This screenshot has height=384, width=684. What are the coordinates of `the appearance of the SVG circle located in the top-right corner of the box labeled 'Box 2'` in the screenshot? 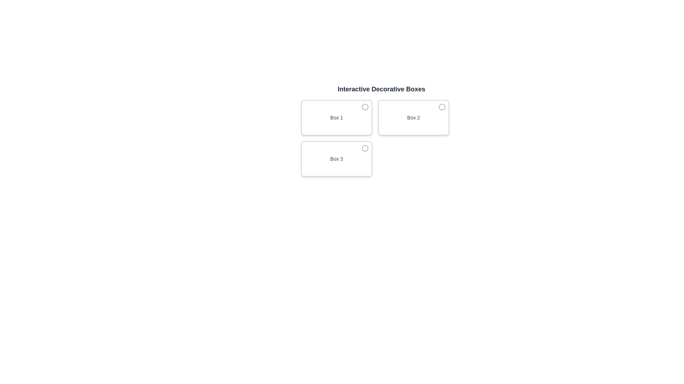 It's located at (442, 107).